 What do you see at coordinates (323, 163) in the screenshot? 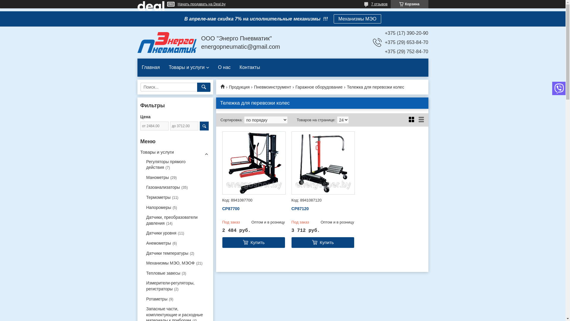
I see `'CP87120'` at bounding box center [323, 163].